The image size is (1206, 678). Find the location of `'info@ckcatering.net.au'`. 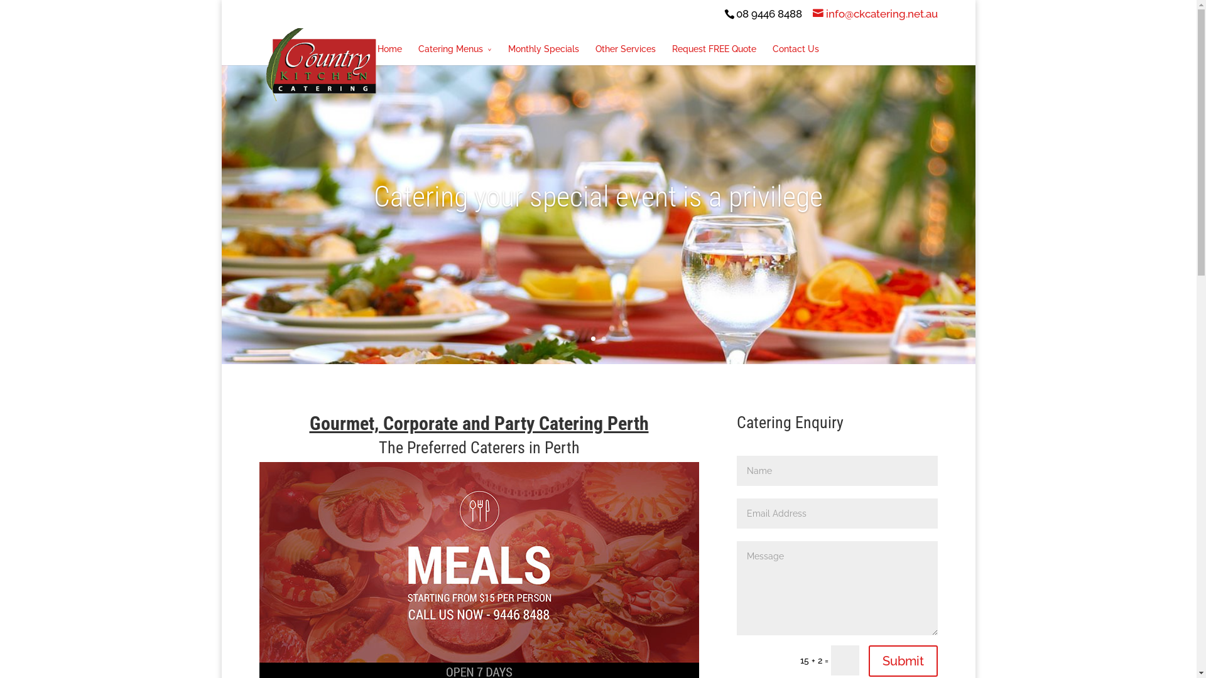

'info@ckcatering.net.au' is located at coordinates (874, 14).